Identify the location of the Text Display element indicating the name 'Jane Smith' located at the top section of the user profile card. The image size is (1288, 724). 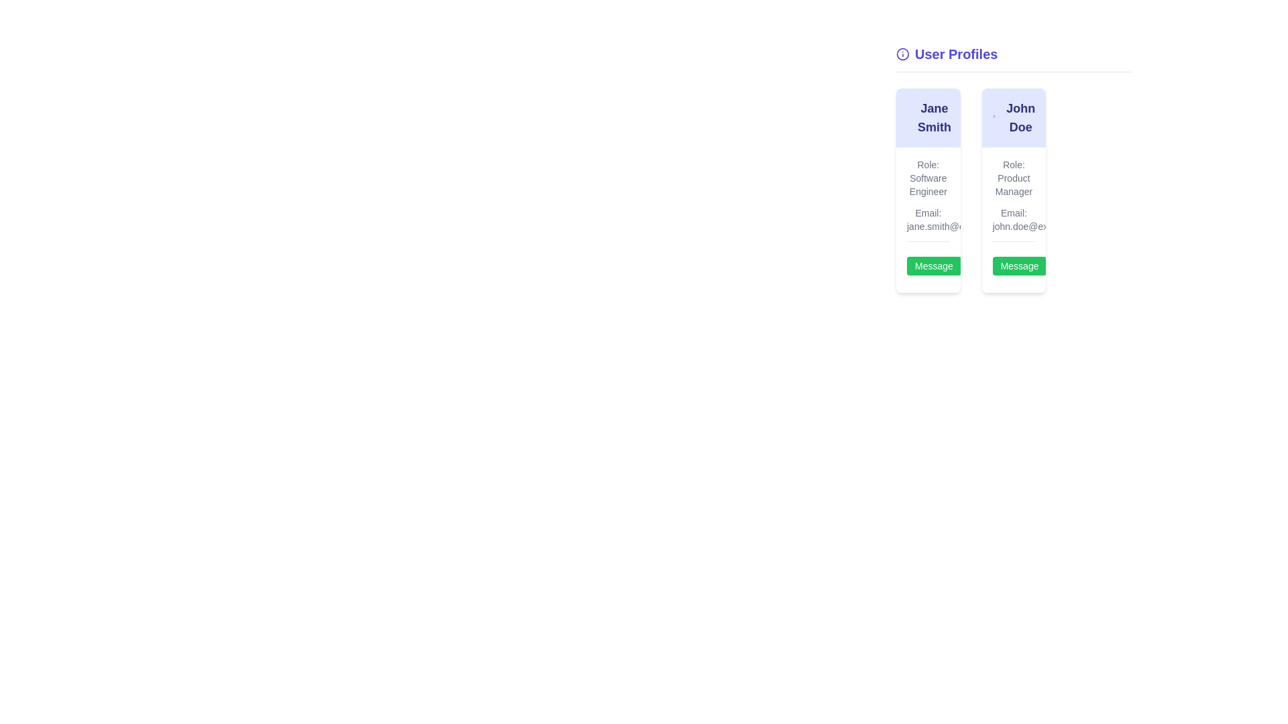
(927, 117).